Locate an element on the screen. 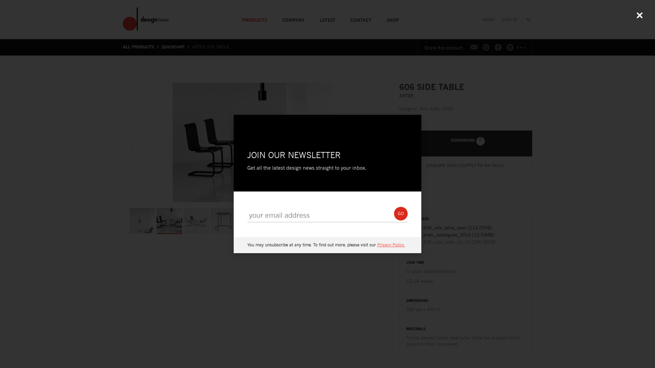 The width and height of the screenshot is (655, 368). 'HOME' is located at coordinates (488, 17).